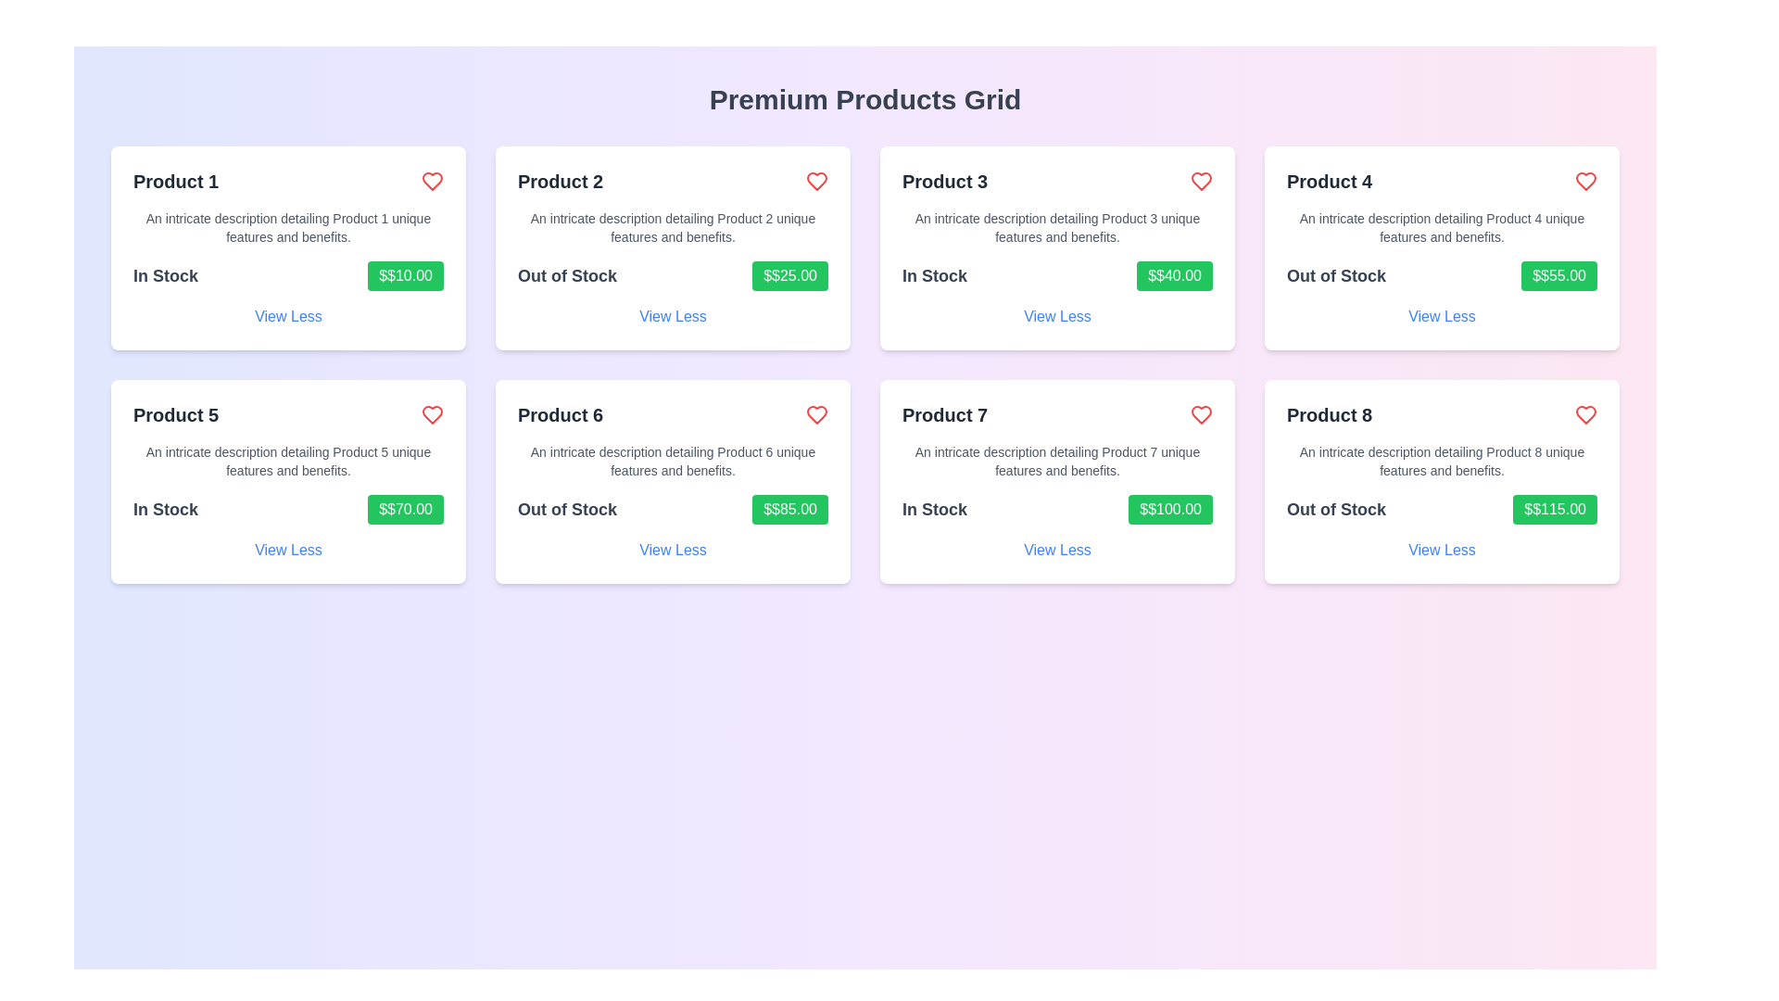  I want to click on the 'In Stock' text label, which is bold and dark gray, located at the bottom-left of the 'Product 1' card, adjacent to a green price tag reading '$10.00', so click(165, 275).